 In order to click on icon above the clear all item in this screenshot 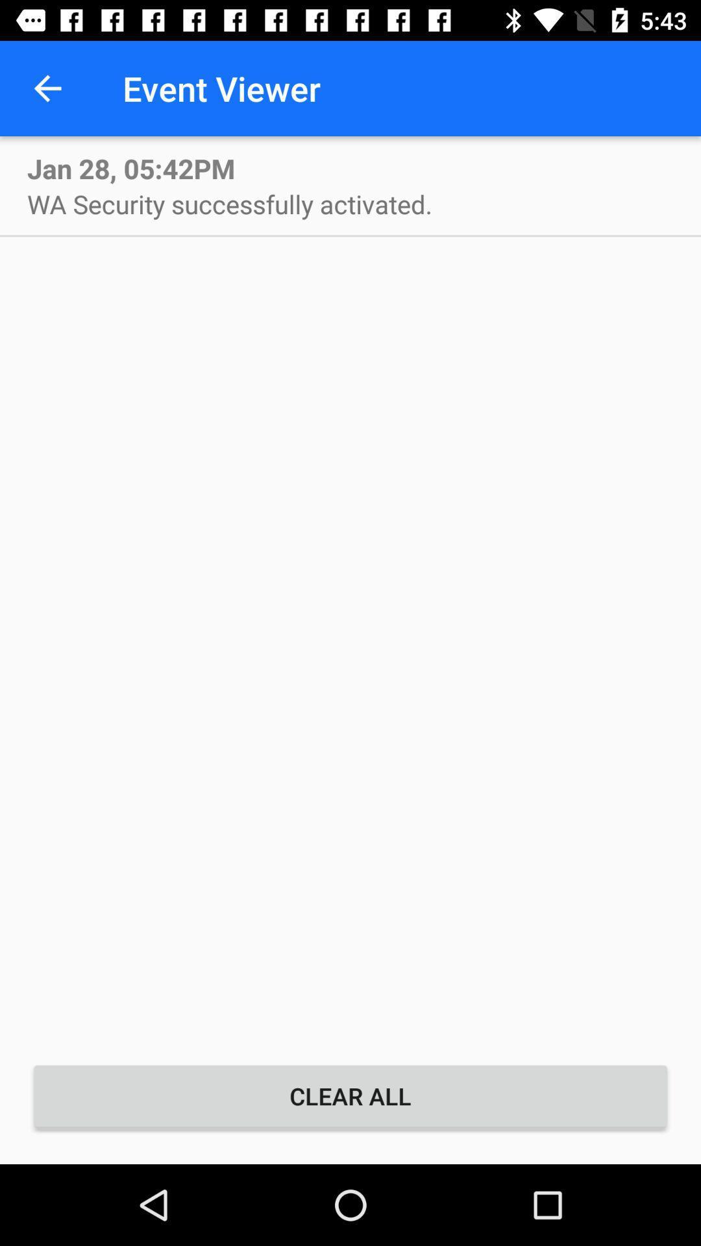, I will do `click(229, 203)`.